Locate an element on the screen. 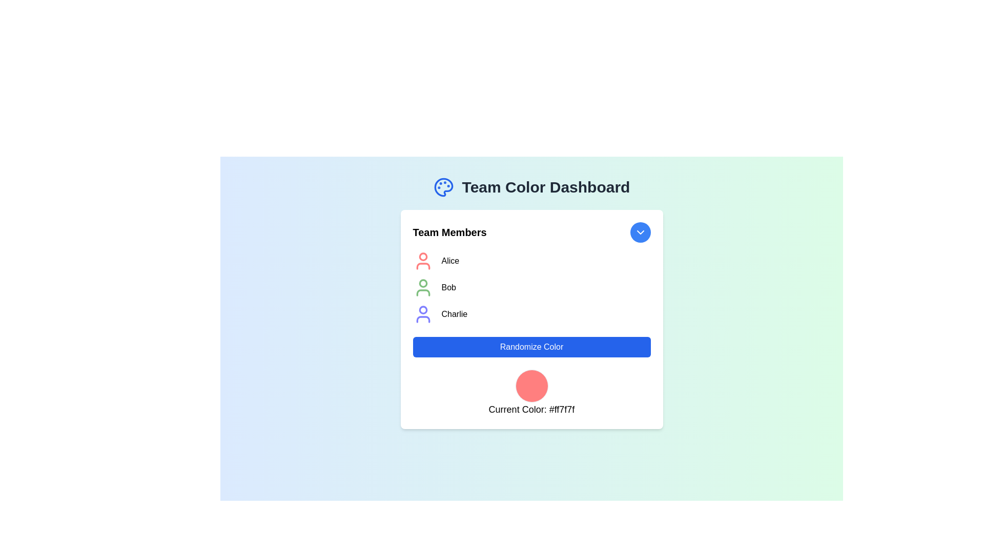 This screenshot has height=553, width=984. the text label element displaying 'Charlie', which is located in the third position of the vertical team member list is located at coordinates (454, 313).